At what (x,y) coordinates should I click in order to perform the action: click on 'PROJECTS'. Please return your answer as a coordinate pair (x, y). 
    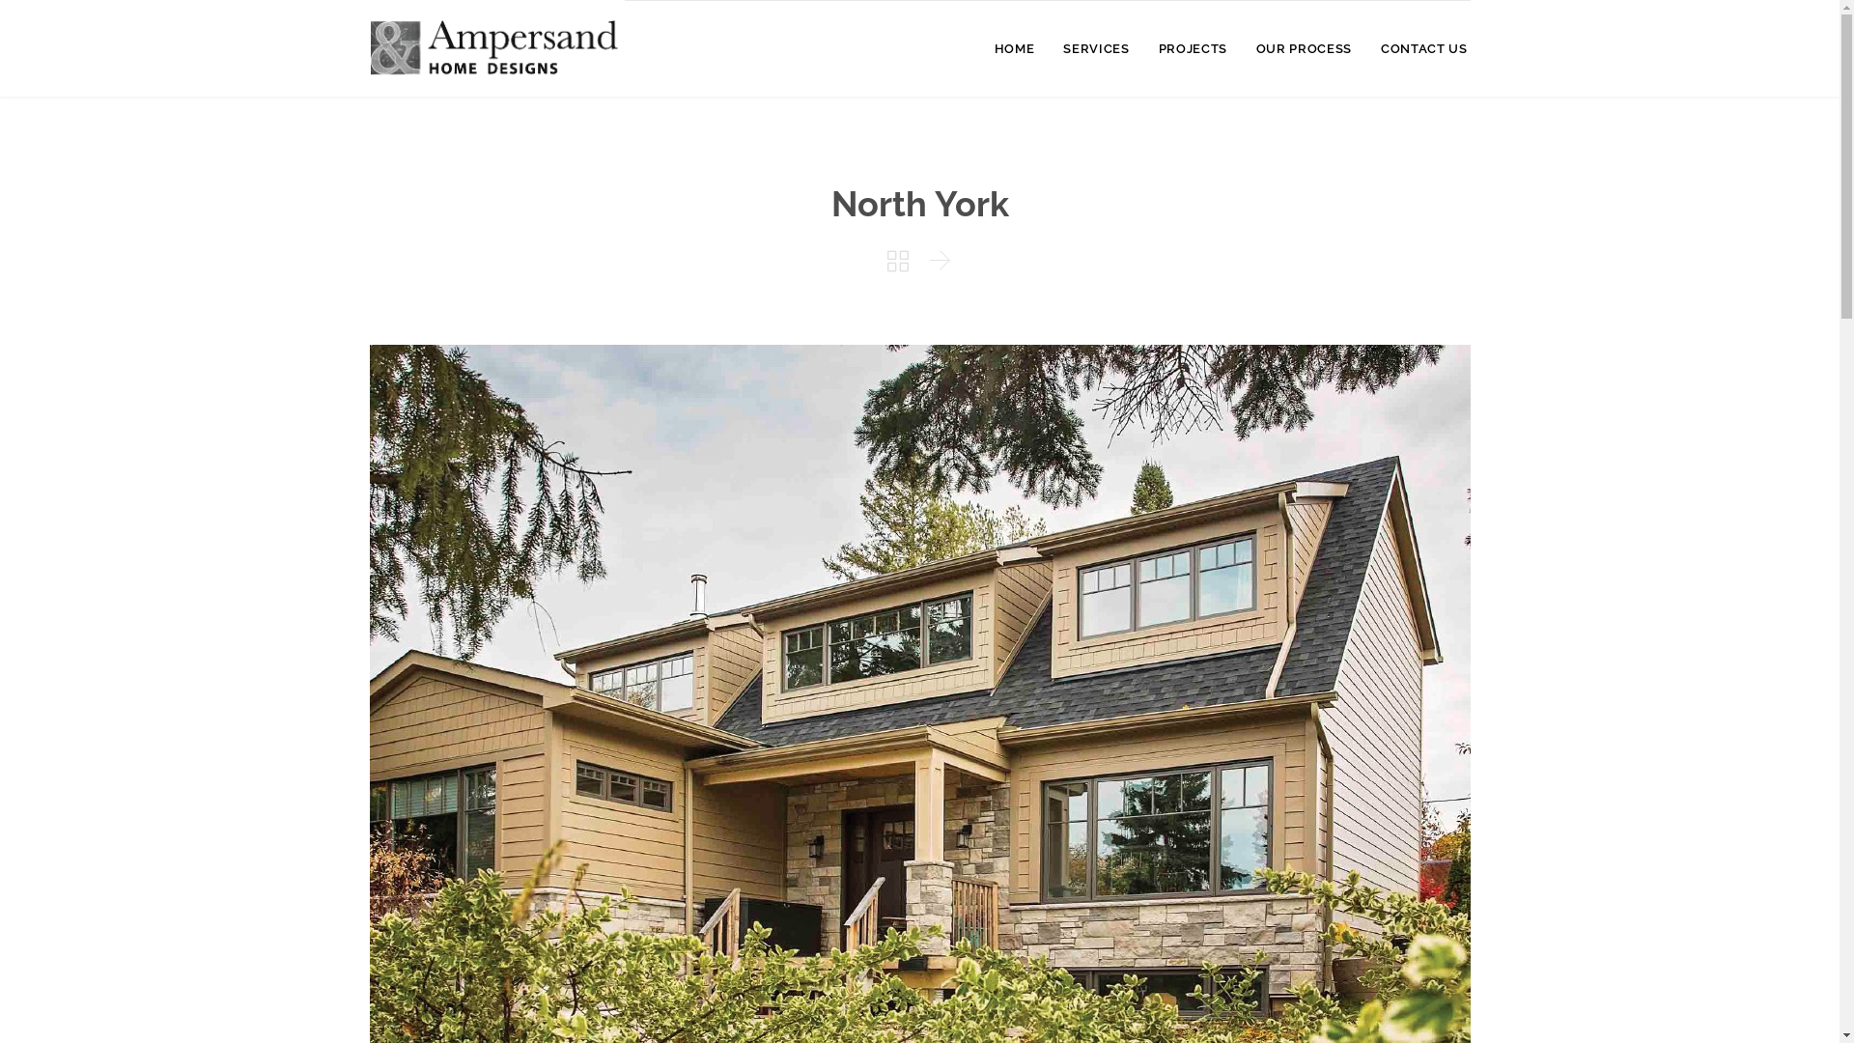
    Looking at the image, I should click on (1159, 49).